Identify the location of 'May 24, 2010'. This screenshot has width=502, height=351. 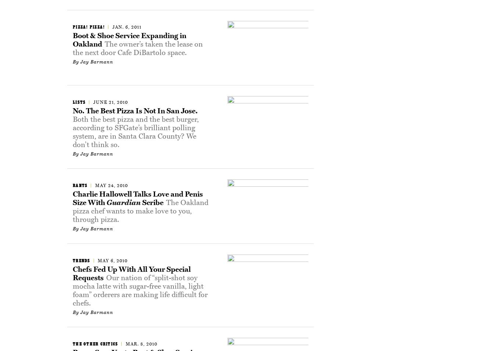
(111, 185).